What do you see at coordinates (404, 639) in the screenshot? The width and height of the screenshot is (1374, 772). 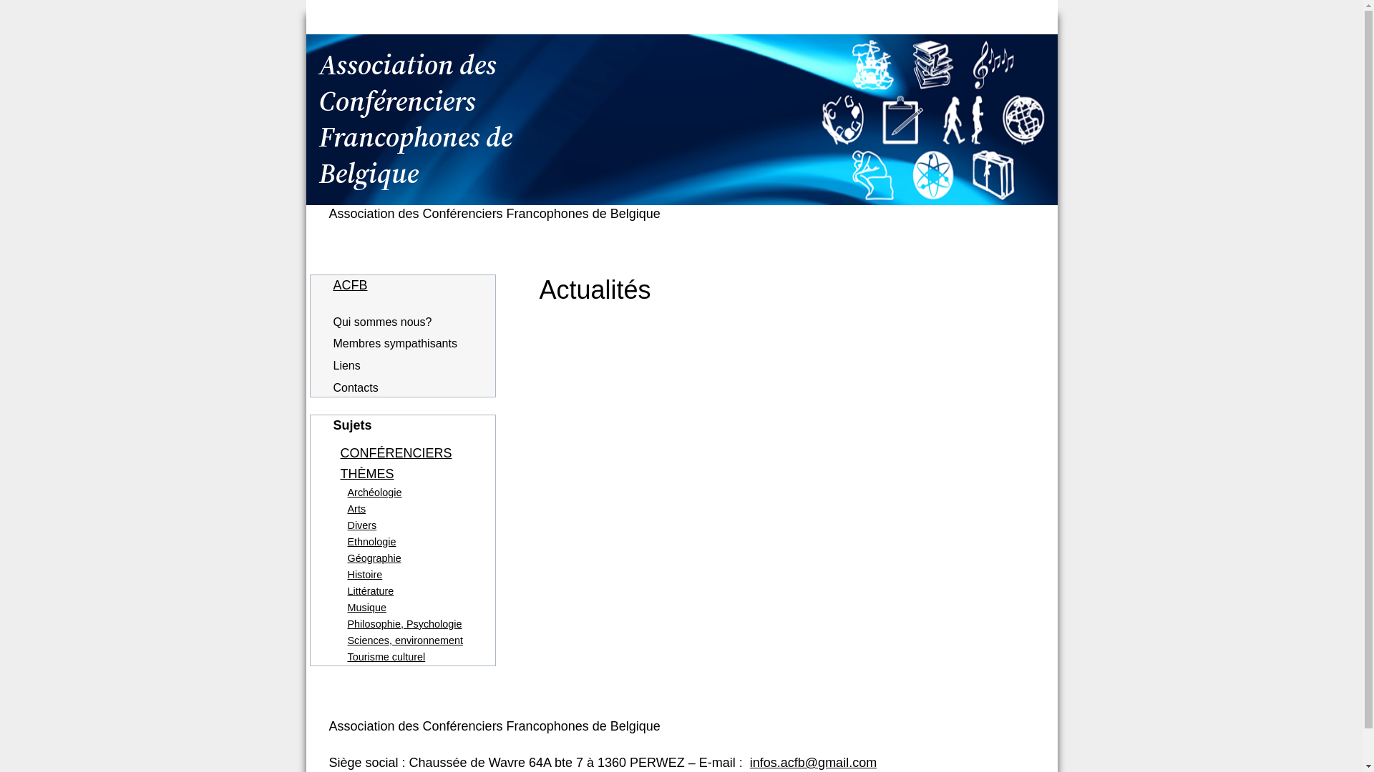 I see `'Sciences, environnement'` at bounding box center [404, 639].